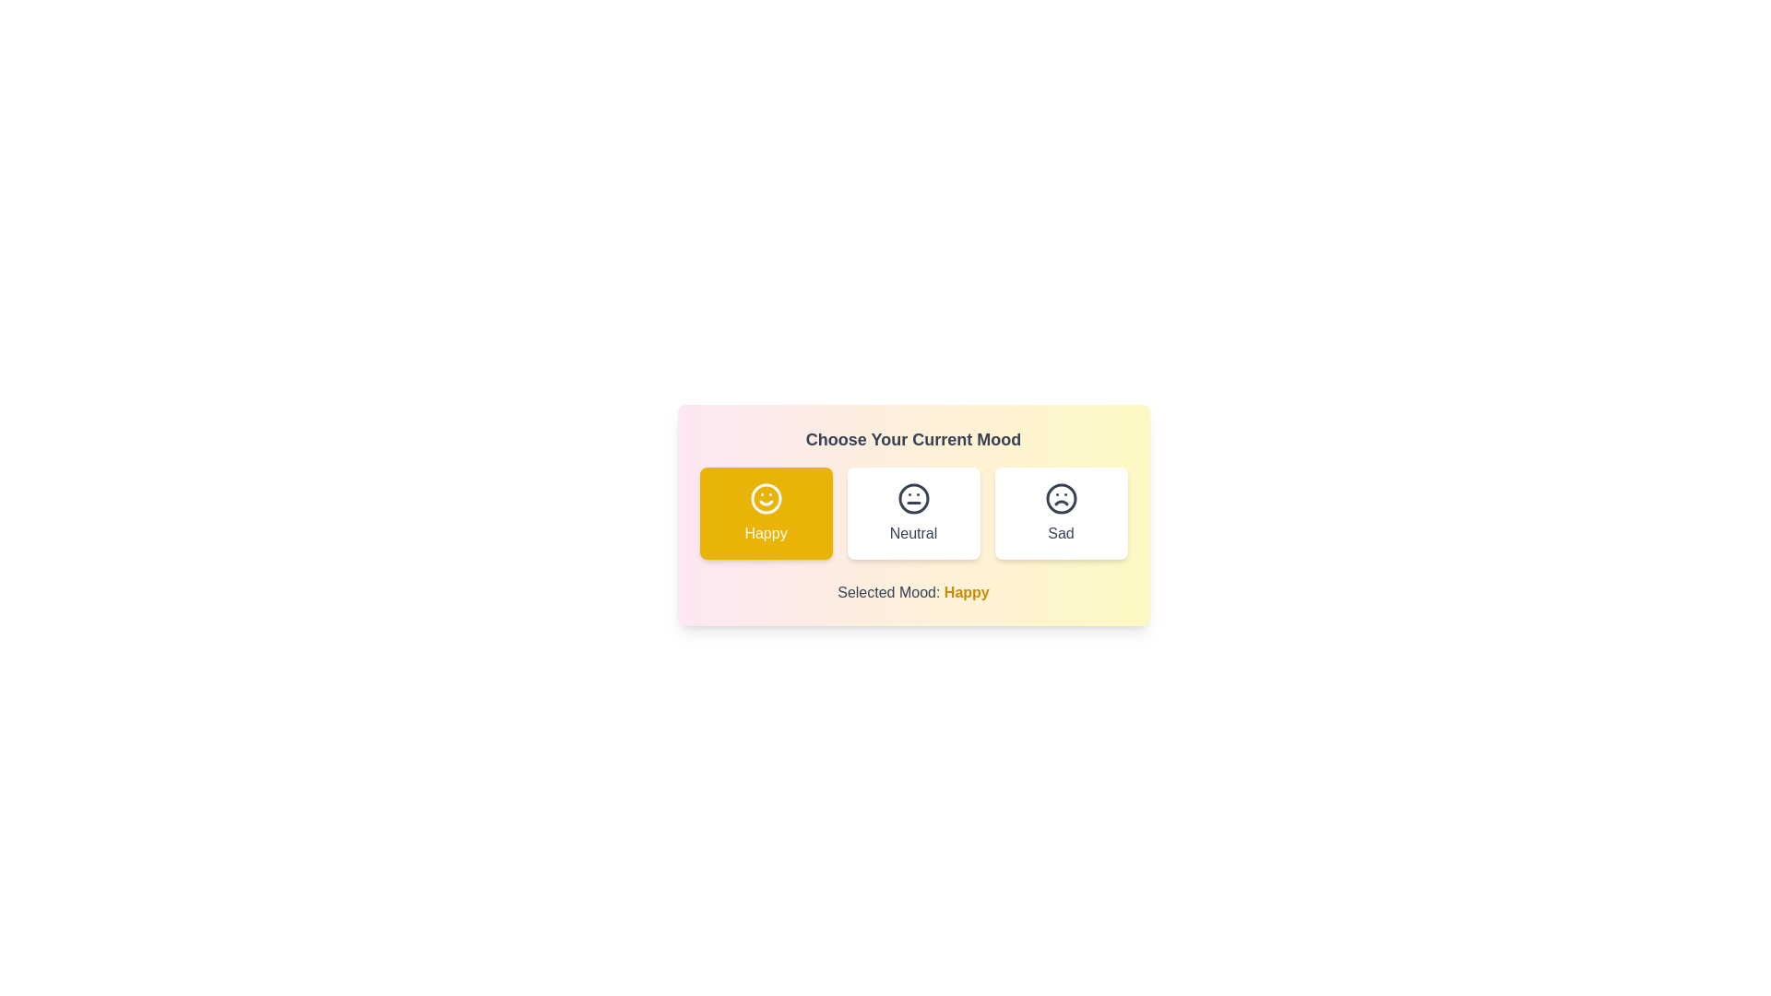 This screenshot has width=1771, height=996. I want to click on the mood button corresponding to sad, so click(1061, 513).